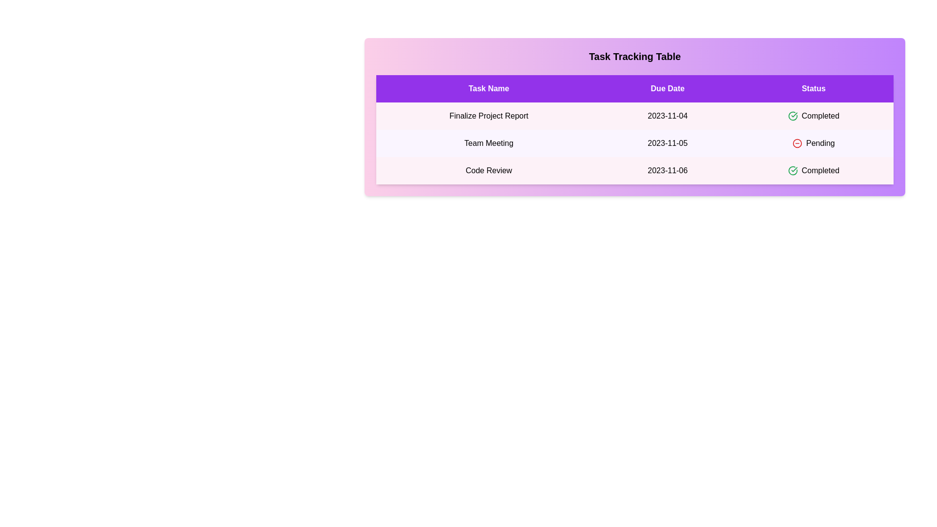  Describe the element at coordinates (793, 116) in the screenshot. I see `the status icon for the task with status Completed` at that location.